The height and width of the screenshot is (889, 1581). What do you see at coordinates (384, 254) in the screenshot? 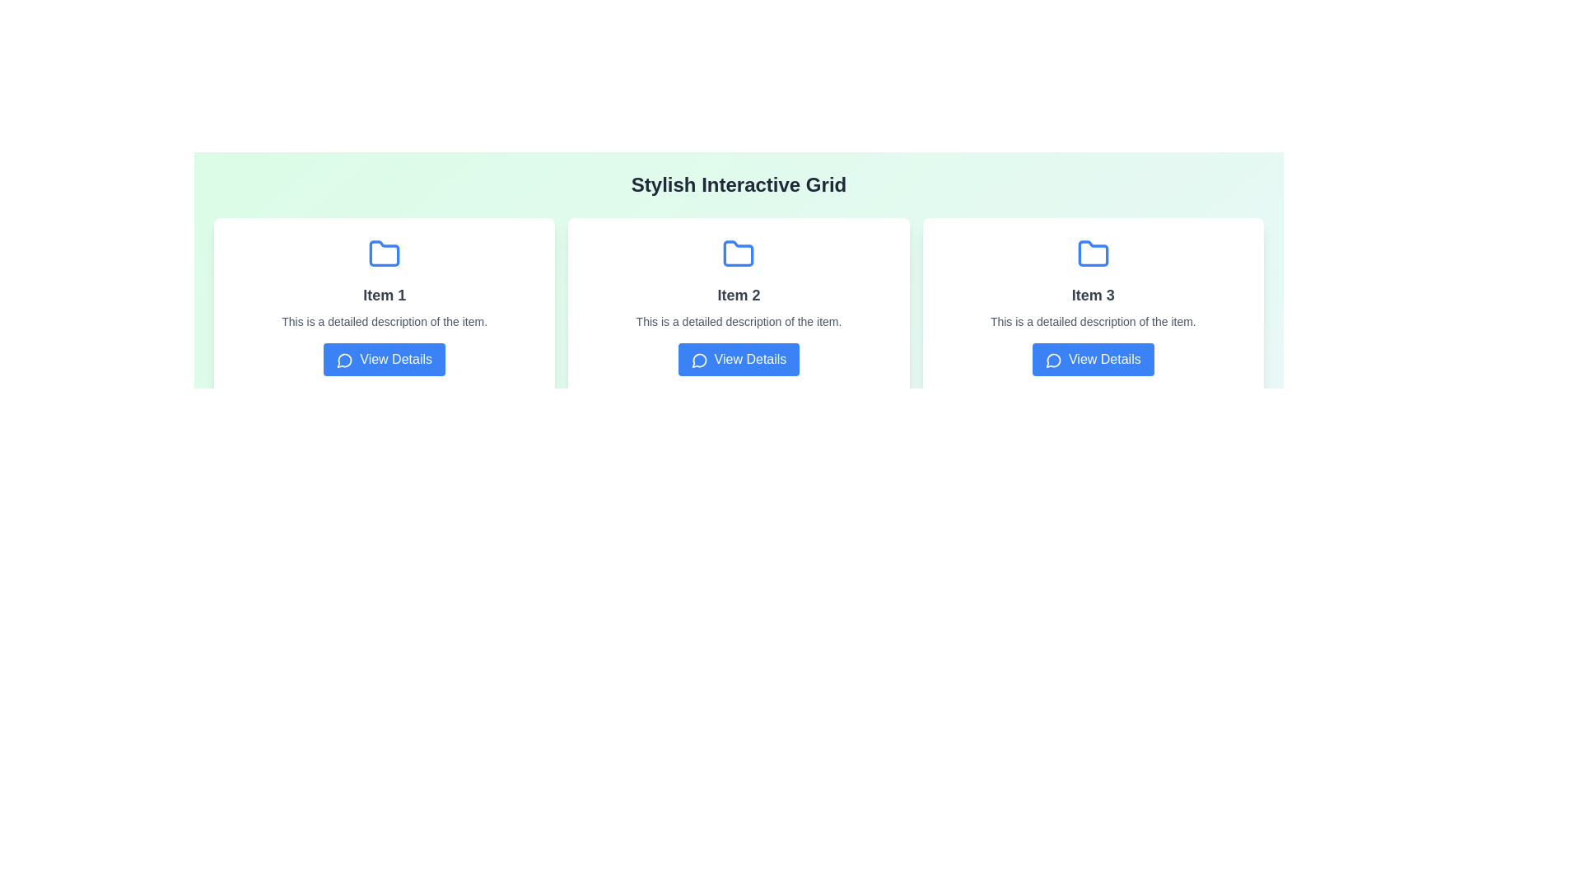
I see `the folder icon located at the top-center of the first card labeled 'Item 1', which enhances the usability and recognizability of the card content` at bounding box center [384, 254].